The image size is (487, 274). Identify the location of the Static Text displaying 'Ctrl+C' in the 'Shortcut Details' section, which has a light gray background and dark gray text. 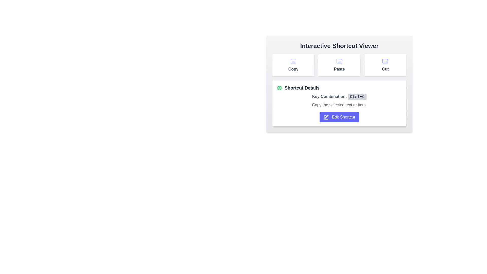
(357, 97).